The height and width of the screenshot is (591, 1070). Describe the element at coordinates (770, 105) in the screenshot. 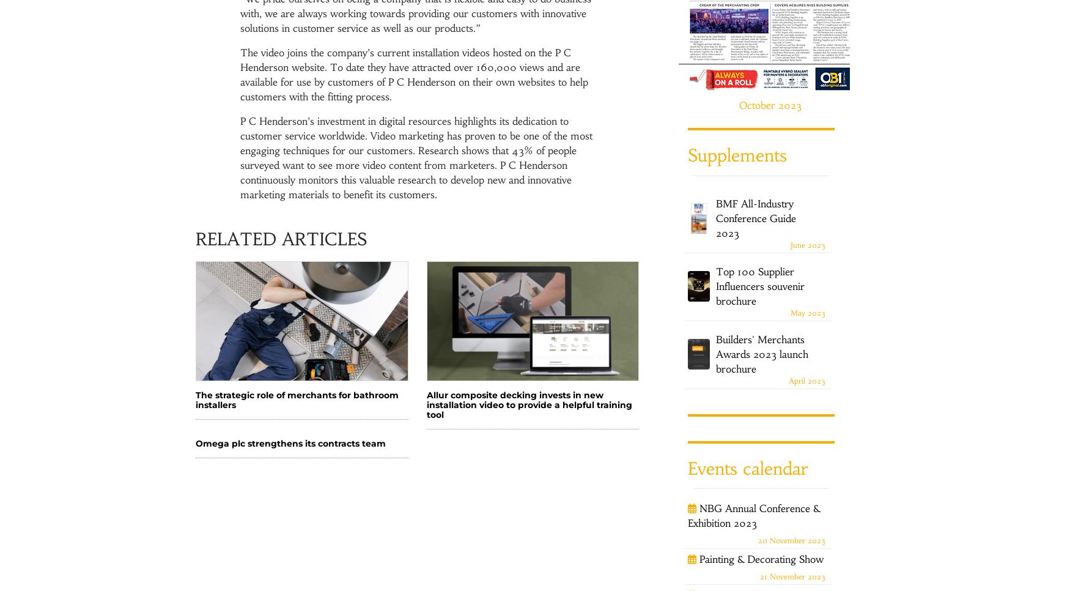

I see `'October 2023'` at that location.